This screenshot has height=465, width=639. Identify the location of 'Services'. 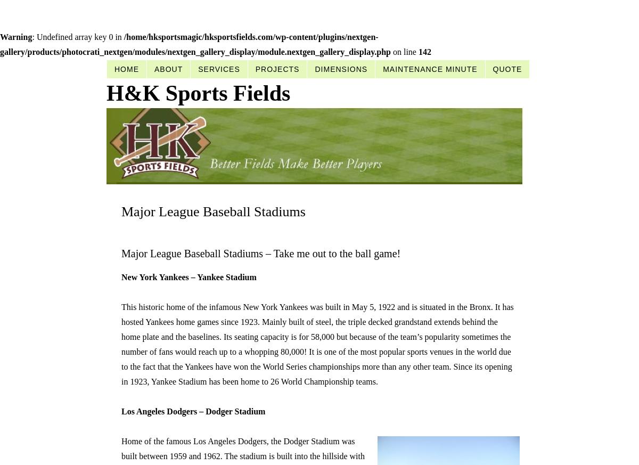
(219, 69).